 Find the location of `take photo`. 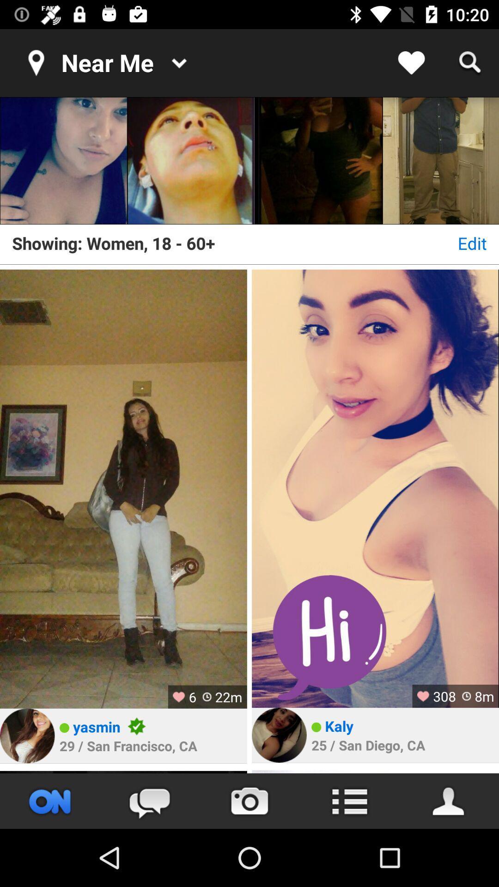

take photo is located at coordinates (249, 801).